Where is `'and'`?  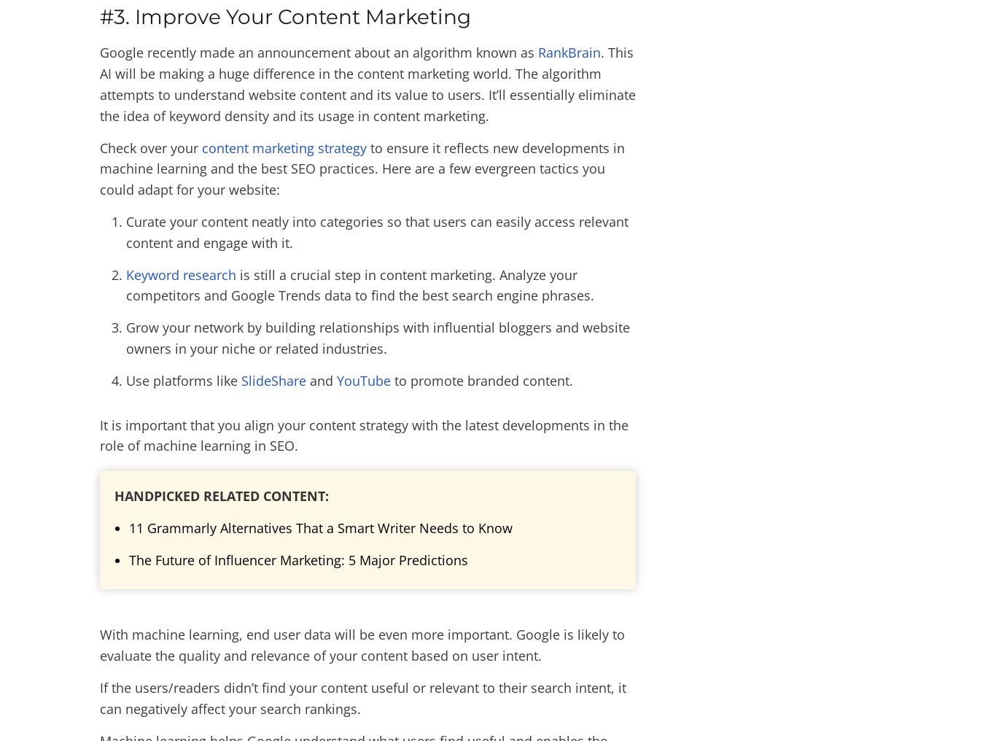 'and' is located at coordinates (320, 379).